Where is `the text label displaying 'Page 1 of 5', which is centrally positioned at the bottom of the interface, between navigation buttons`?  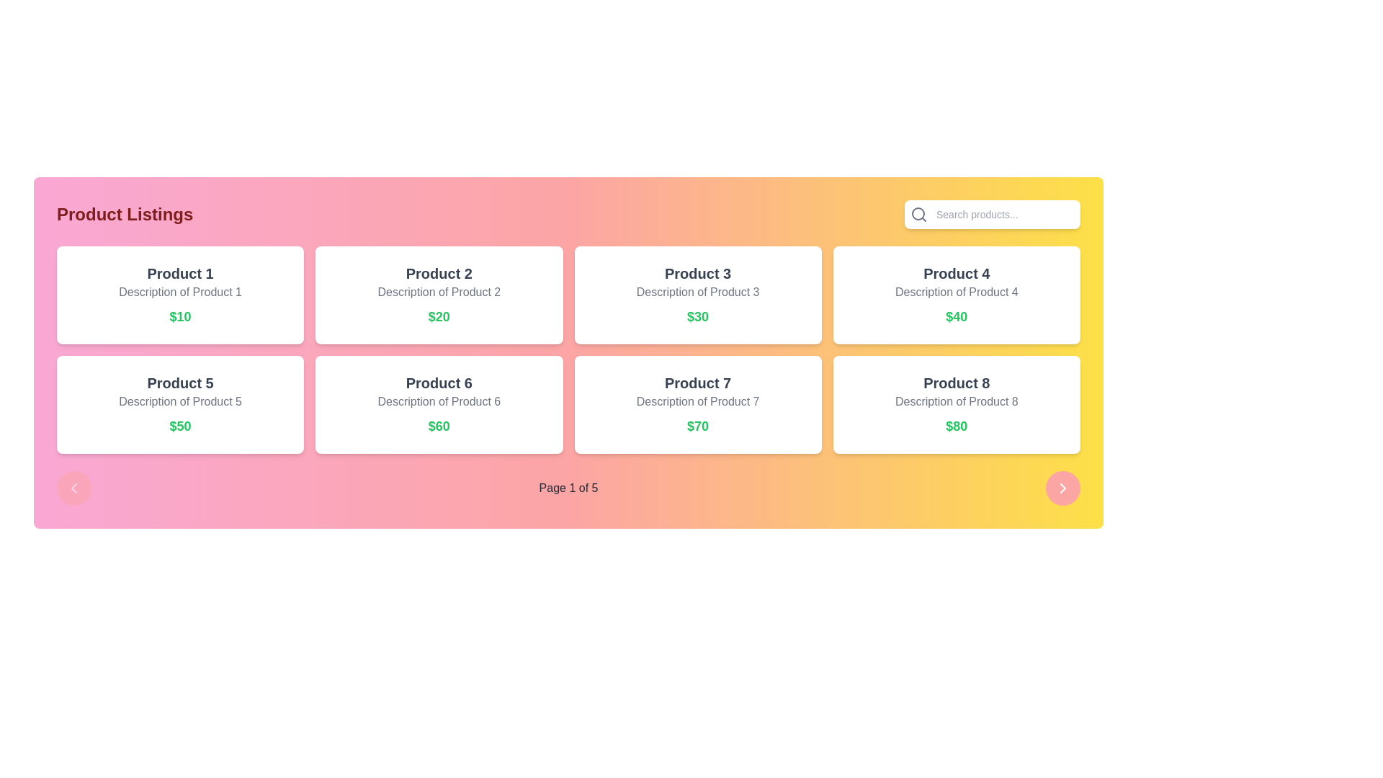
the text label displaying 'Page 1 of 5', which is centrally positioned at the bottom of the interface, between navigation buttons is located at coordinates (568, 488).